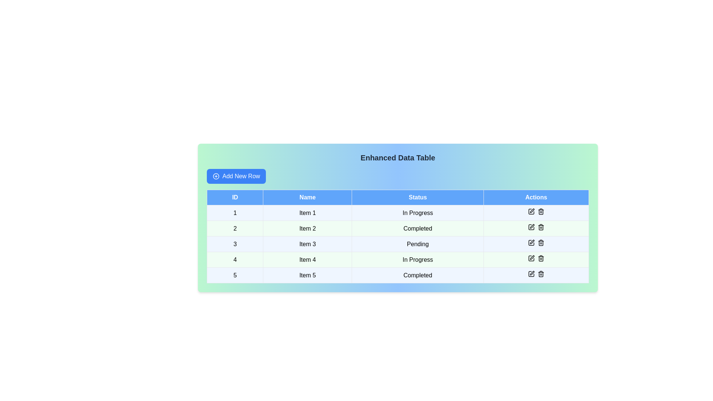  Describe the element at coordinates (532, 273) in the screenshot. I see `the pen icon located in the last row of the 'Actions' column of the data table to initiate an edit action` at that location.